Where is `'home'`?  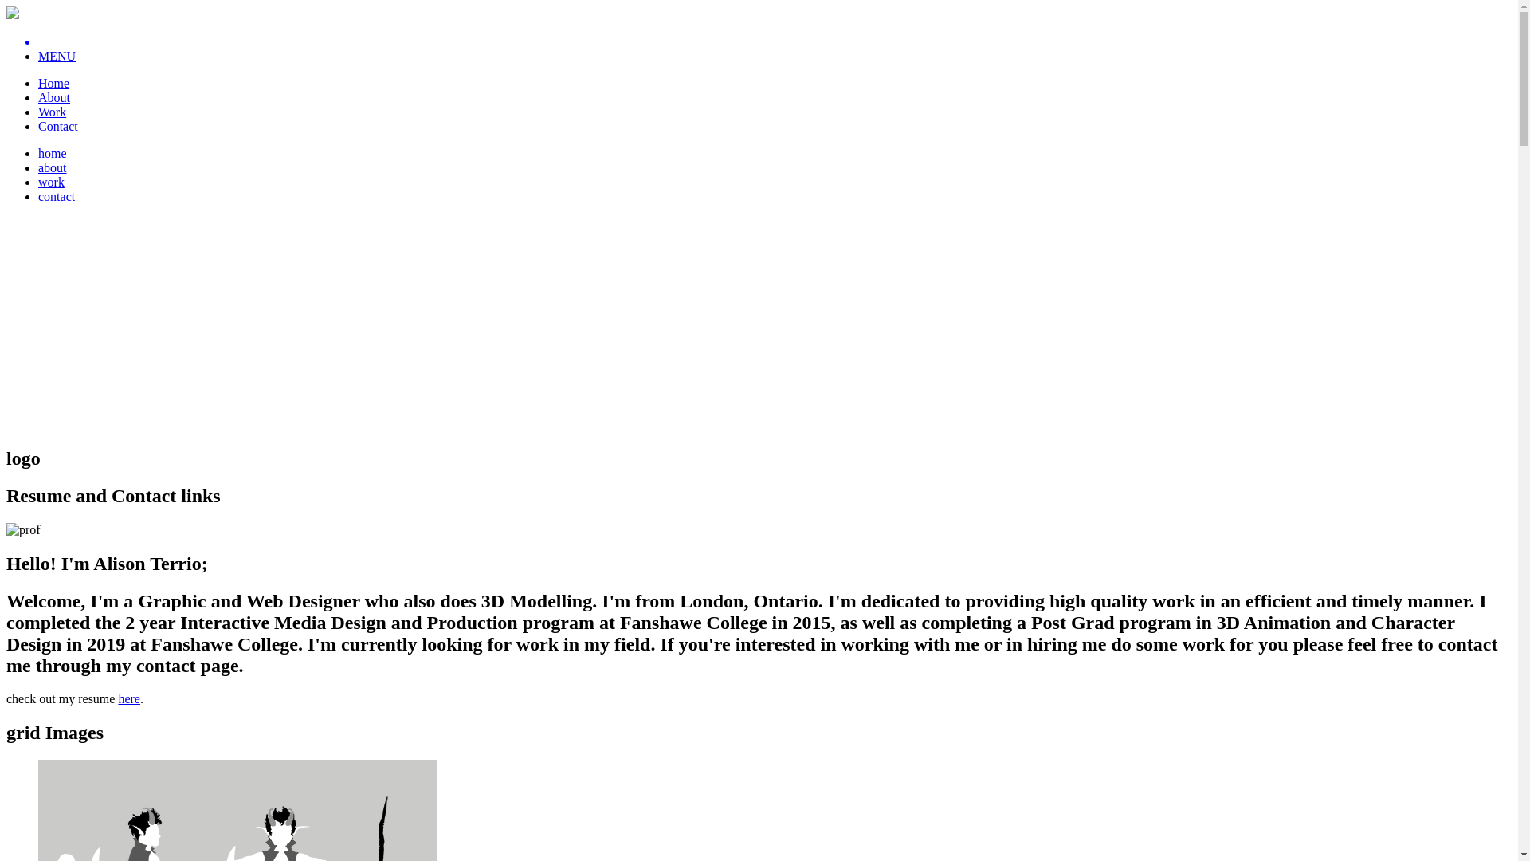 'home' is located at coordinates (53, 153).